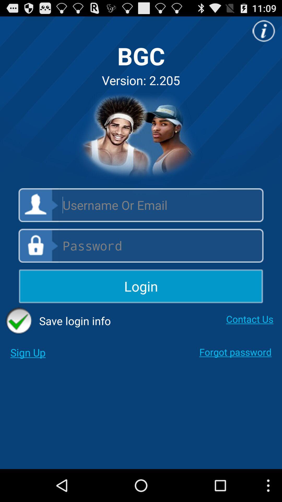  I want to click on the item above the sign up, so click(58, 321).